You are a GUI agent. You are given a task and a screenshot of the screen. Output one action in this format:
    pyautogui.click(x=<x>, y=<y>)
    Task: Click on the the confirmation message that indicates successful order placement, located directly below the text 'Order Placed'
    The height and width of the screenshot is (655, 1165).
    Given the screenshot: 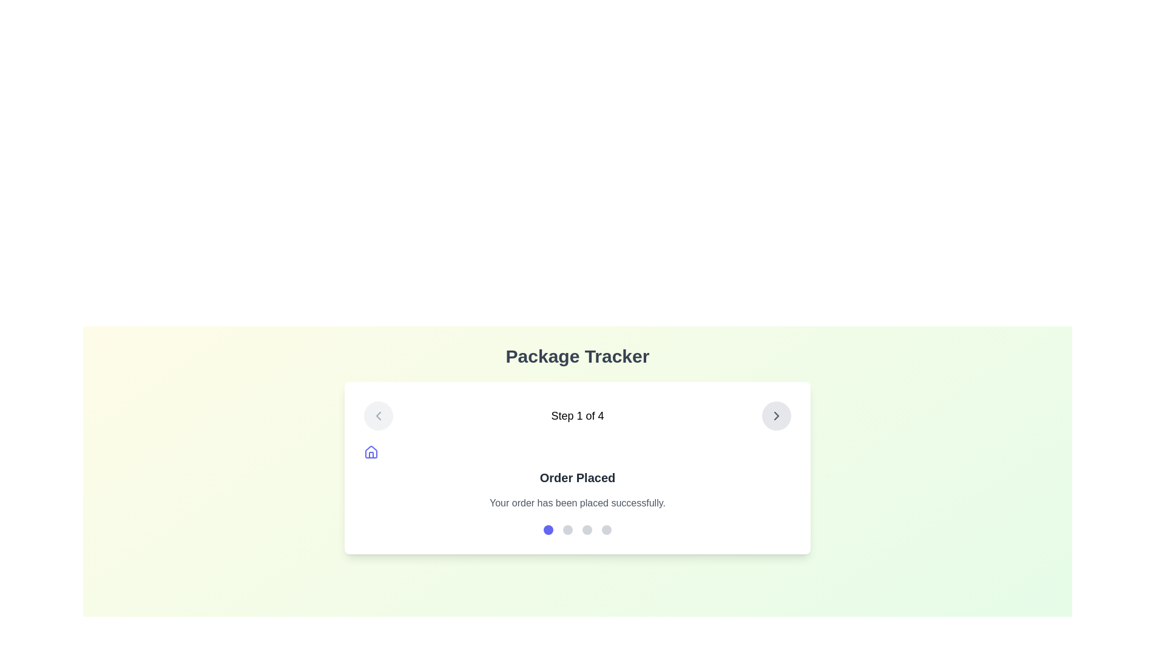 What is the action you would take?
    pyautogui.click(x=576, y=503)
    